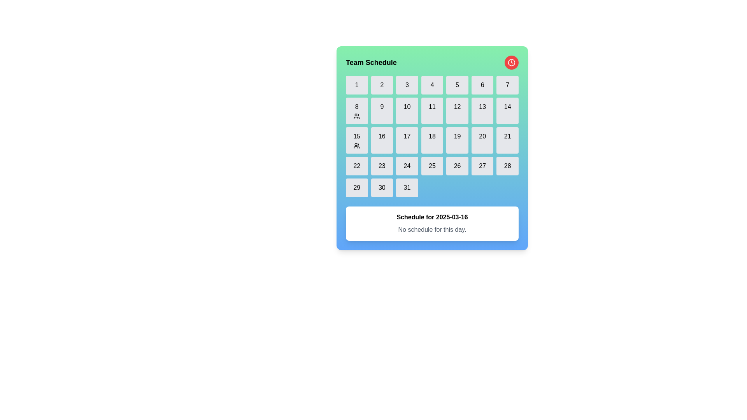  What do you see at coordinates (431, 166) in the screenshot?
I see `the button representing the 25th day in the calendar interface under 'Team Schedule'` at bounding box center [431, 166].